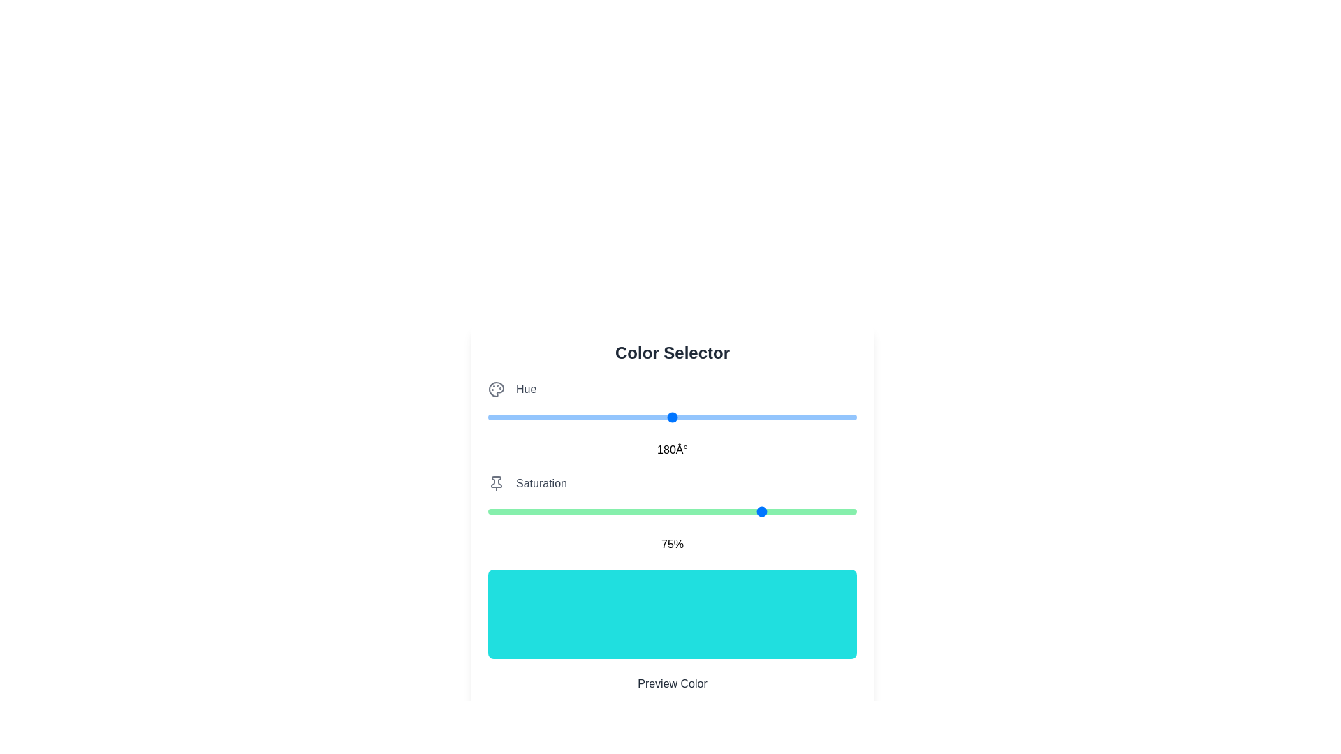 The height and width of the screenshot is (754, 1341). I want to click on the labeled component featuring a pin icon and the text 'Saturation' in dark gray, which is centrally positioned below the 'Hue' slider and above the green '75%' slider, so click(673, 483).